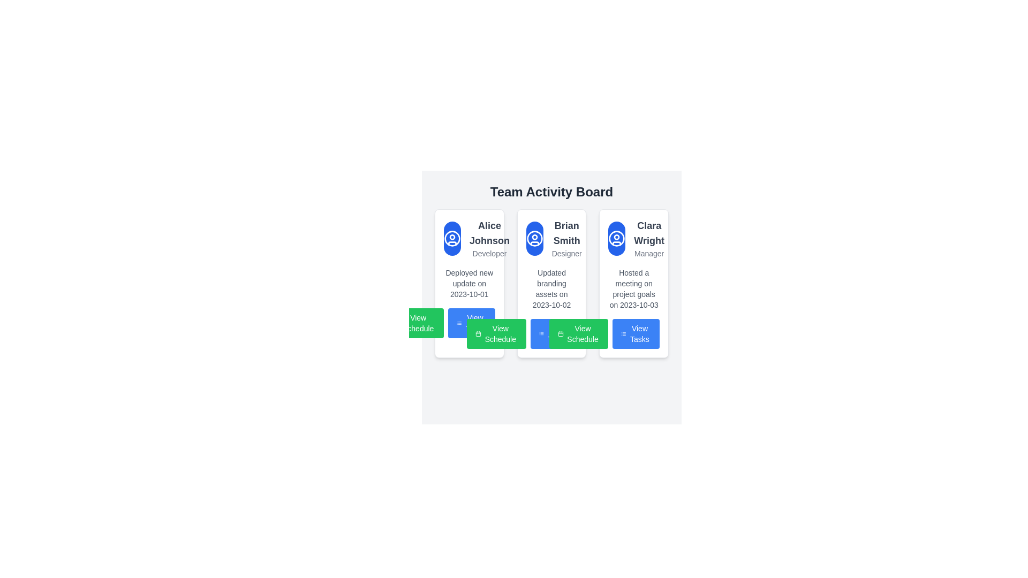 The image size is (1028, 578). I want to click on the User Profile Display element that shows the user's name, role, and representative icon, which is the leftmost card in a group of user profile cards, so click(469, 238).